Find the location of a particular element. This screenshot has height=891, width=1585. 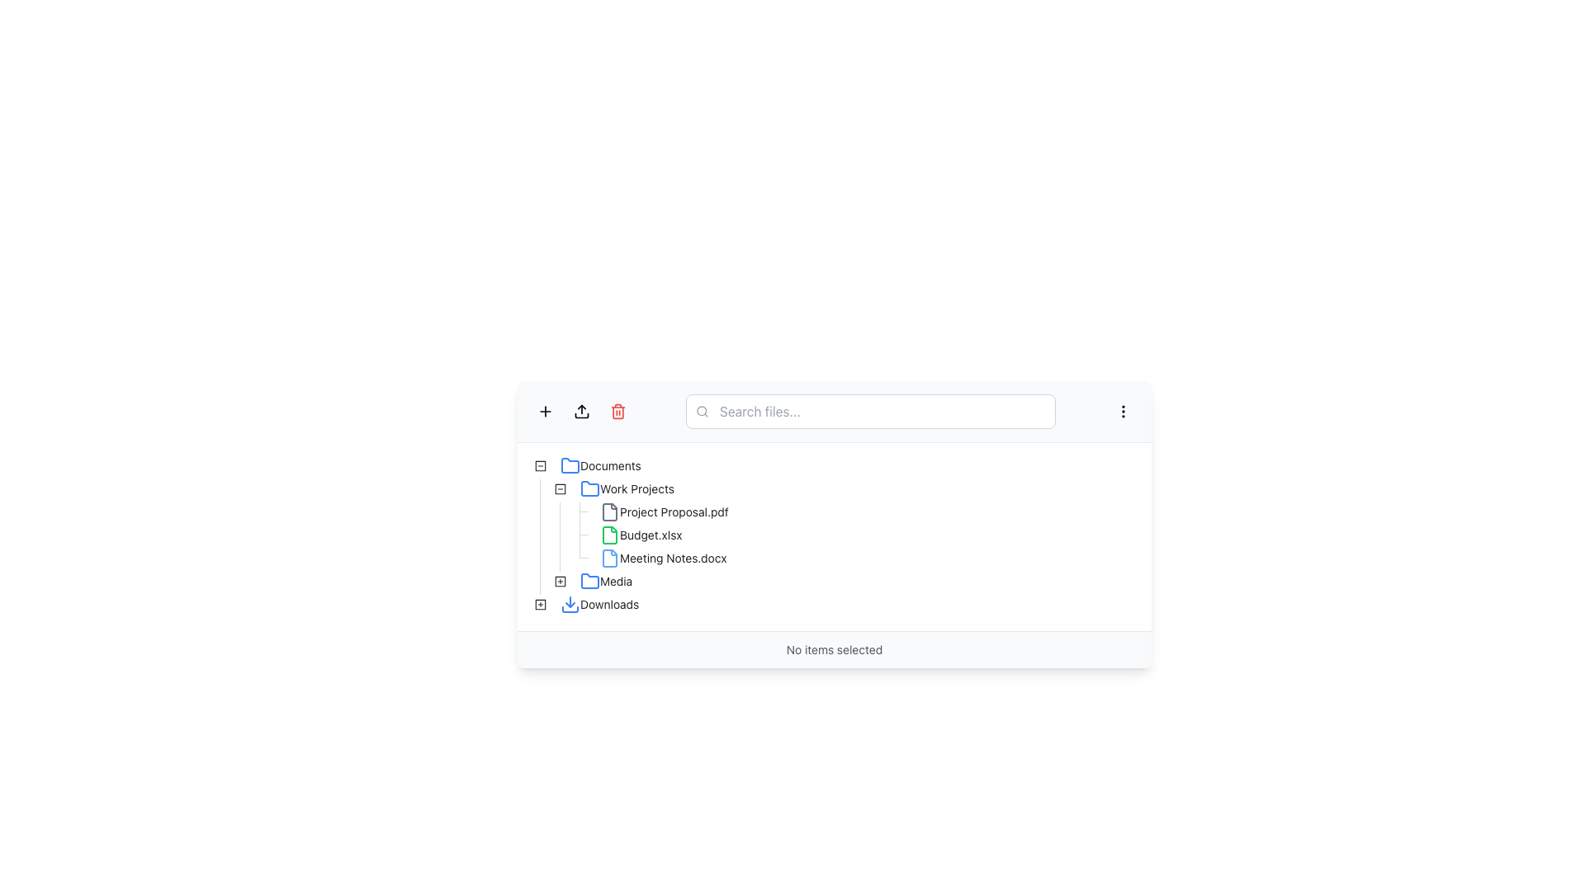

the Interactive icon (expand/collapse button) next to the 'Downloads' folder entry is located at coordinates (540, 604).